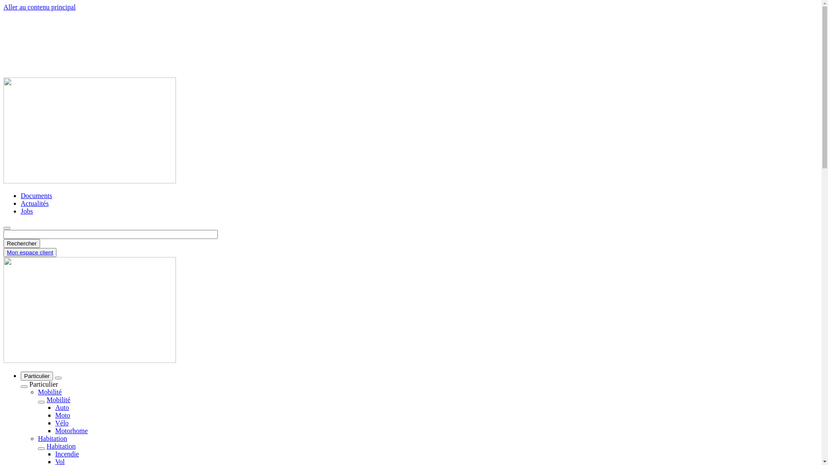 The width and height of the screenshot is (828, 465). Describe the element at coordinates (66, 453) in the screenshot. I see `'Incendie'` at that location.